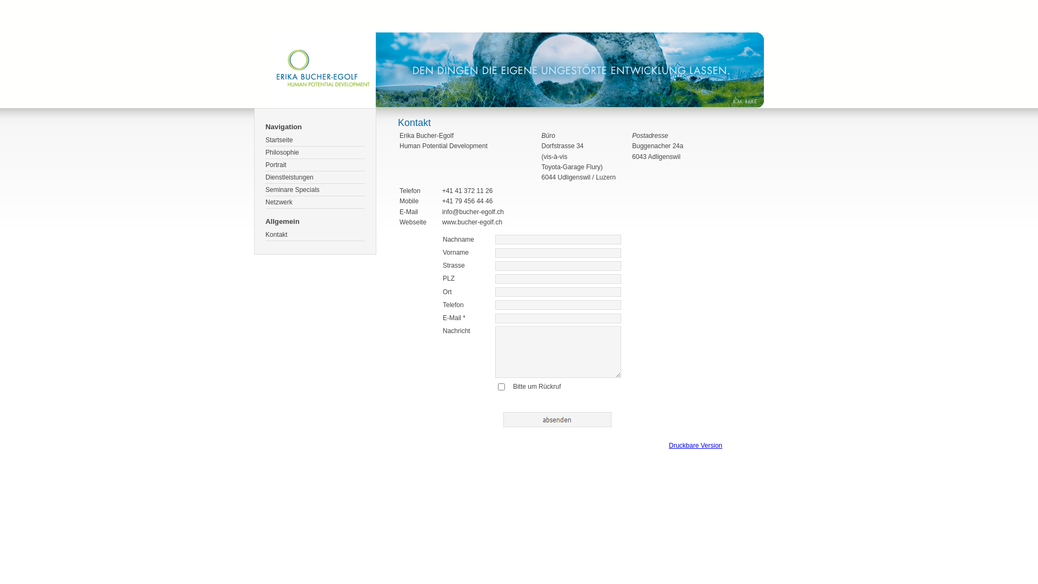  I want to click on 'Portrait', so click(314, 165).